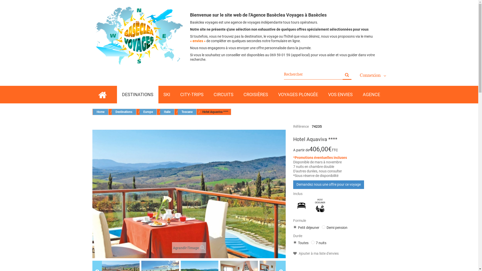  What do you see at coordinates (167, 112) in the screenshot?
I see `'Italie'` at bounding box center [167, 112].